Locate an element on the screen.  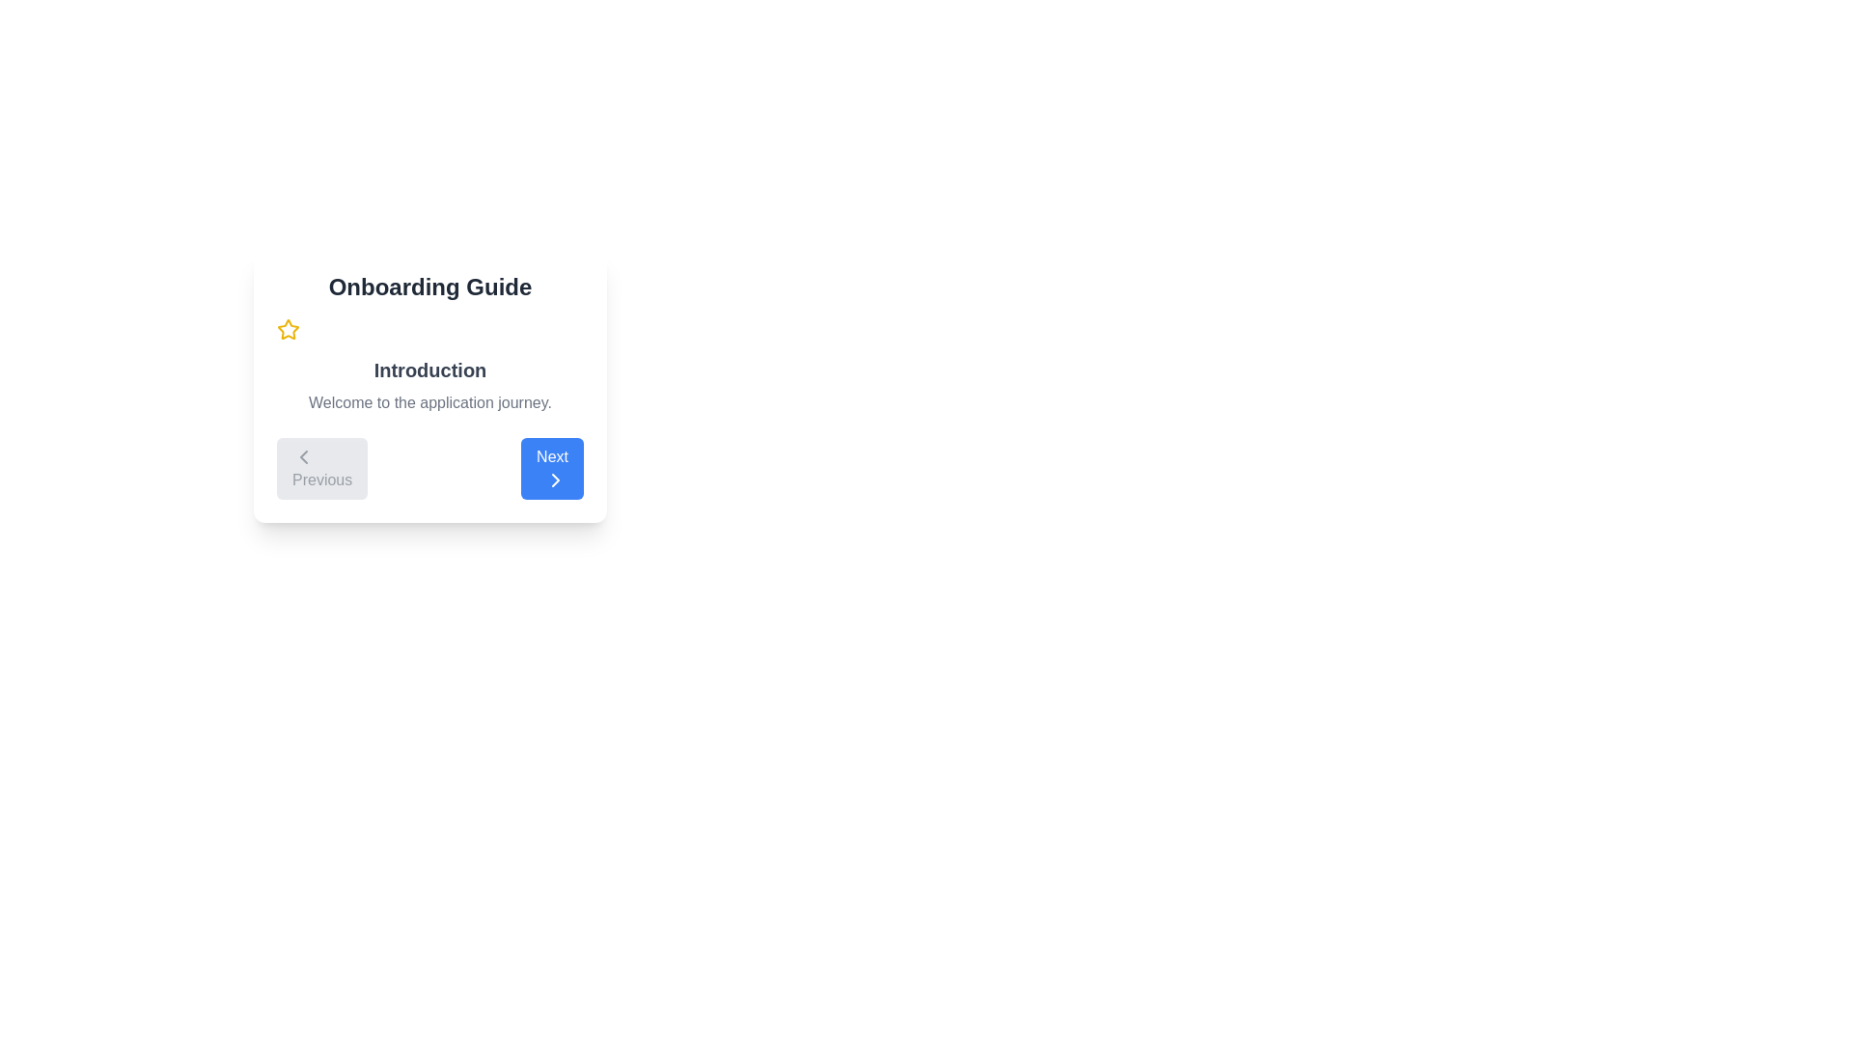
the blue 'Next' button with rounded corners that contains a right-pointing chevron icon, positioned to the right of the 'Previous' button is located at coordinates (551, 469).